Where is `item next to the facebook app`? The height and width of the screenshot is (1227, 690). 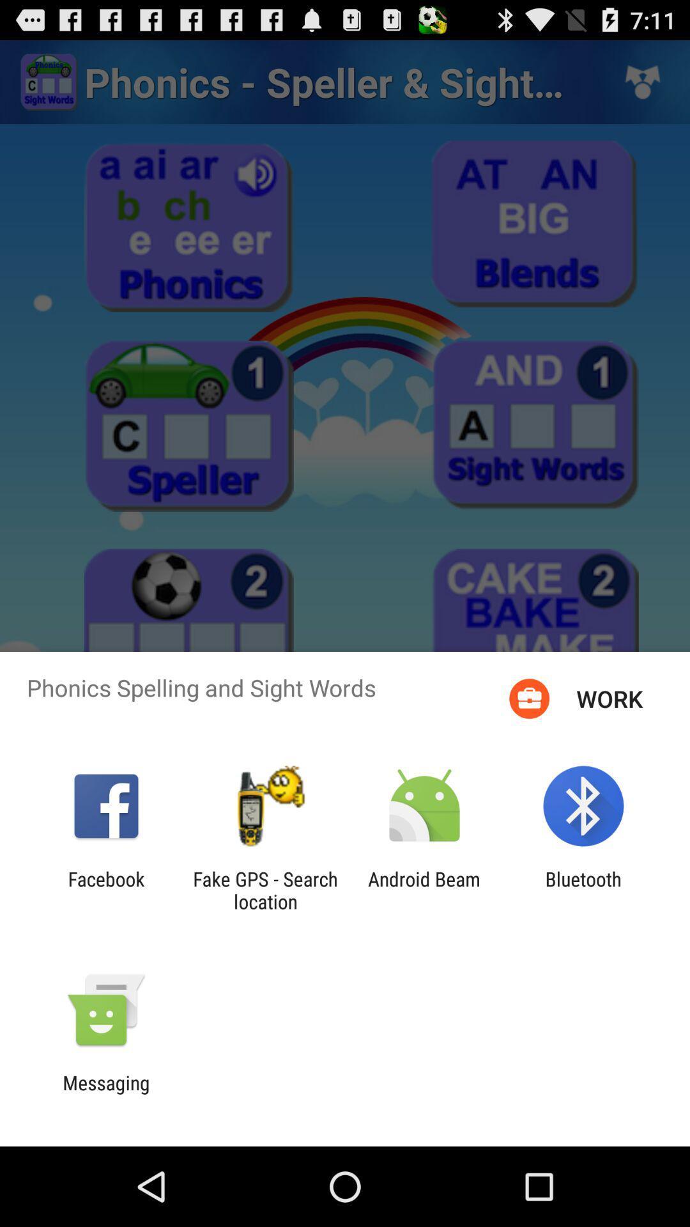 item next to the facebook app is located at coordinates (264, 890).